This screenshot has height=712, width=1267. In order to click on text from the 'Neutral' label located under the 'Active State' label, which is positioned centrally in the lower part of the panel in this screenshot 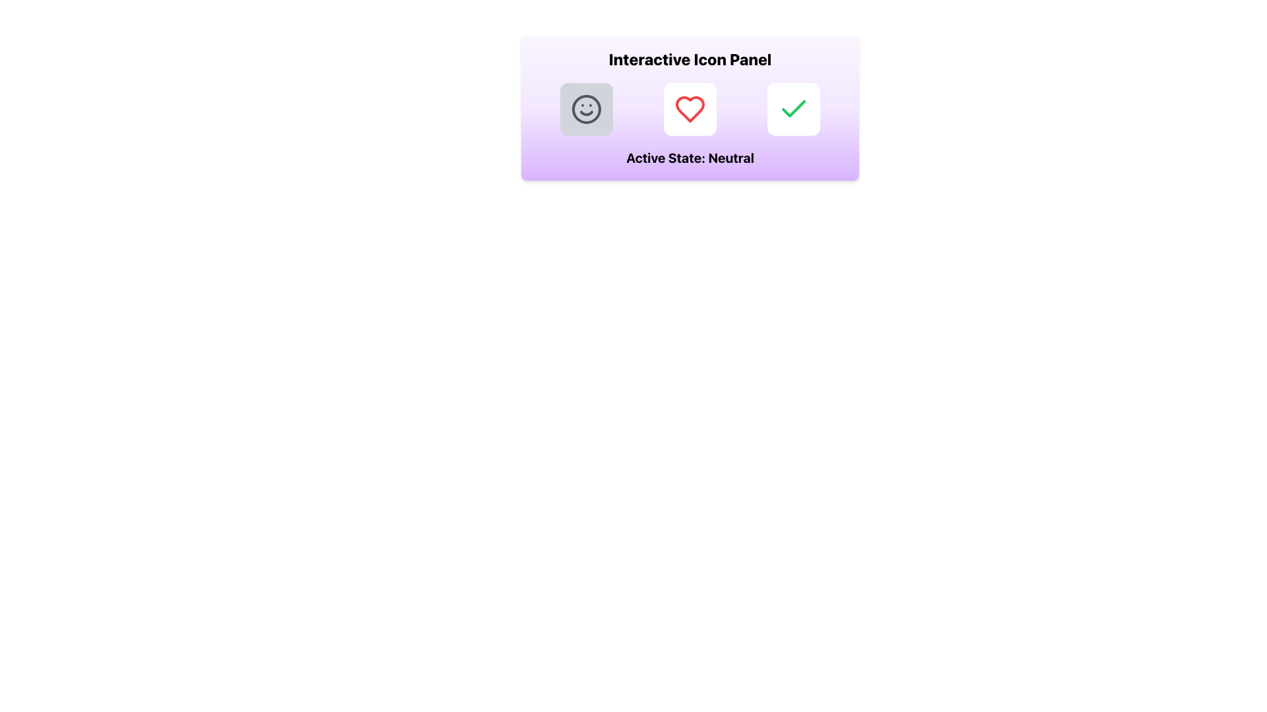, I will do `click(731, 157)`.